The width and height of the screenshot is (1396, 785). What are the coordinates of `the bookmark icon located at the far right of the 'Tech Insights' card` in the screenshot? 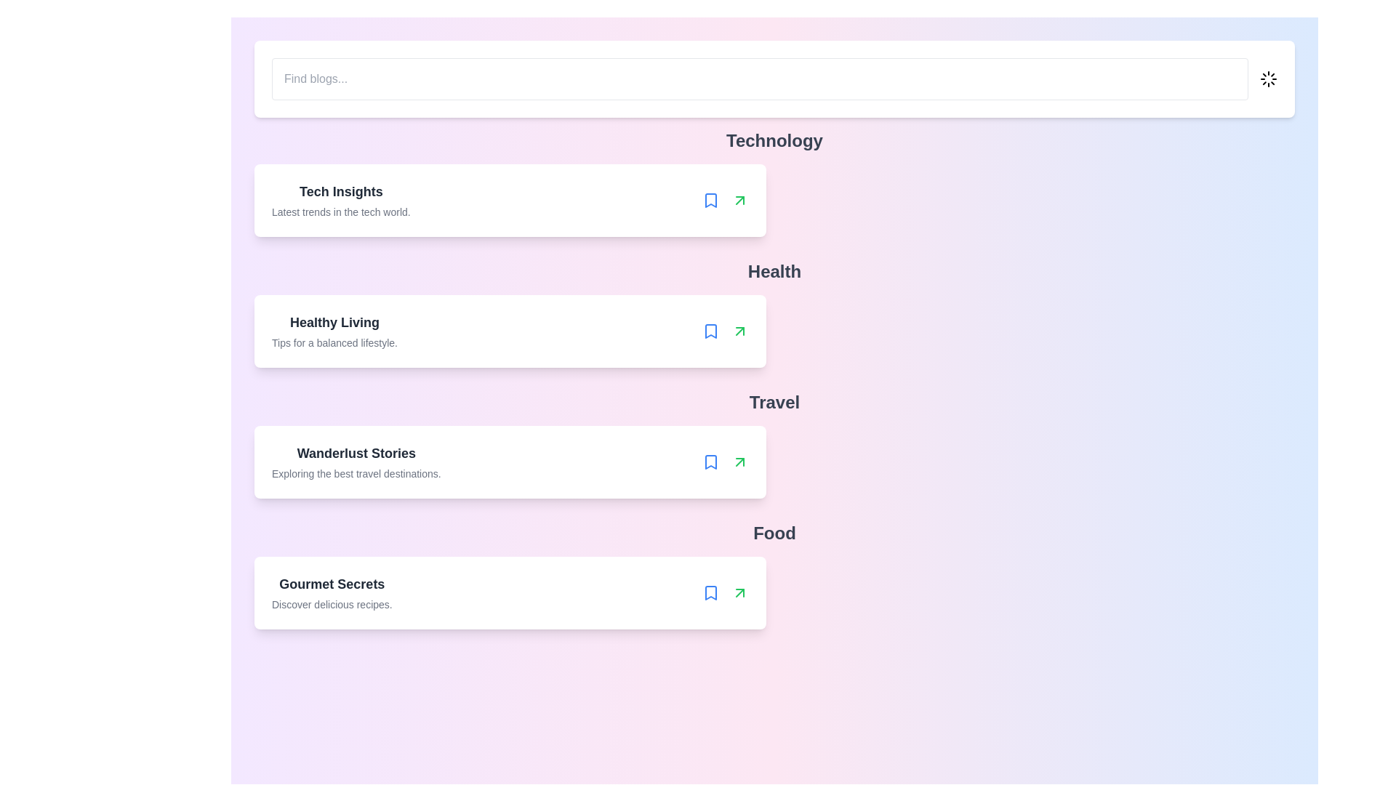 It's located at (710, 201).